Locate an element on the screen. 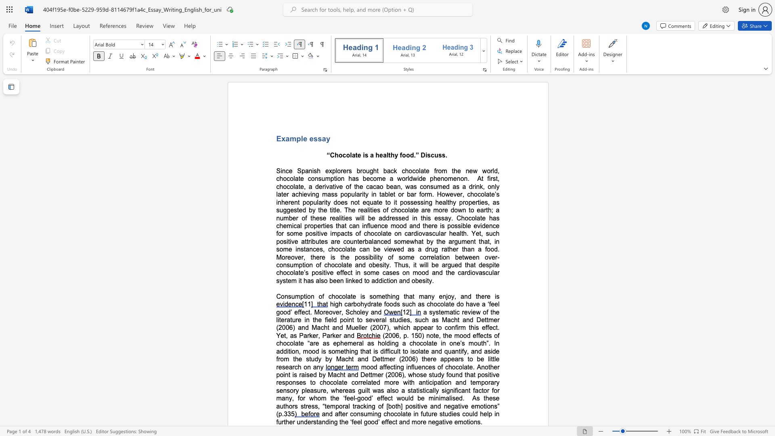 The width and height of the screenshot is (775, 436). the subset text "itiv" within the text "for some positive impacts of chocolate on cardiovascular health. Yet, such positive attributes are counterbalanced" is located at coordinates (287, 241).